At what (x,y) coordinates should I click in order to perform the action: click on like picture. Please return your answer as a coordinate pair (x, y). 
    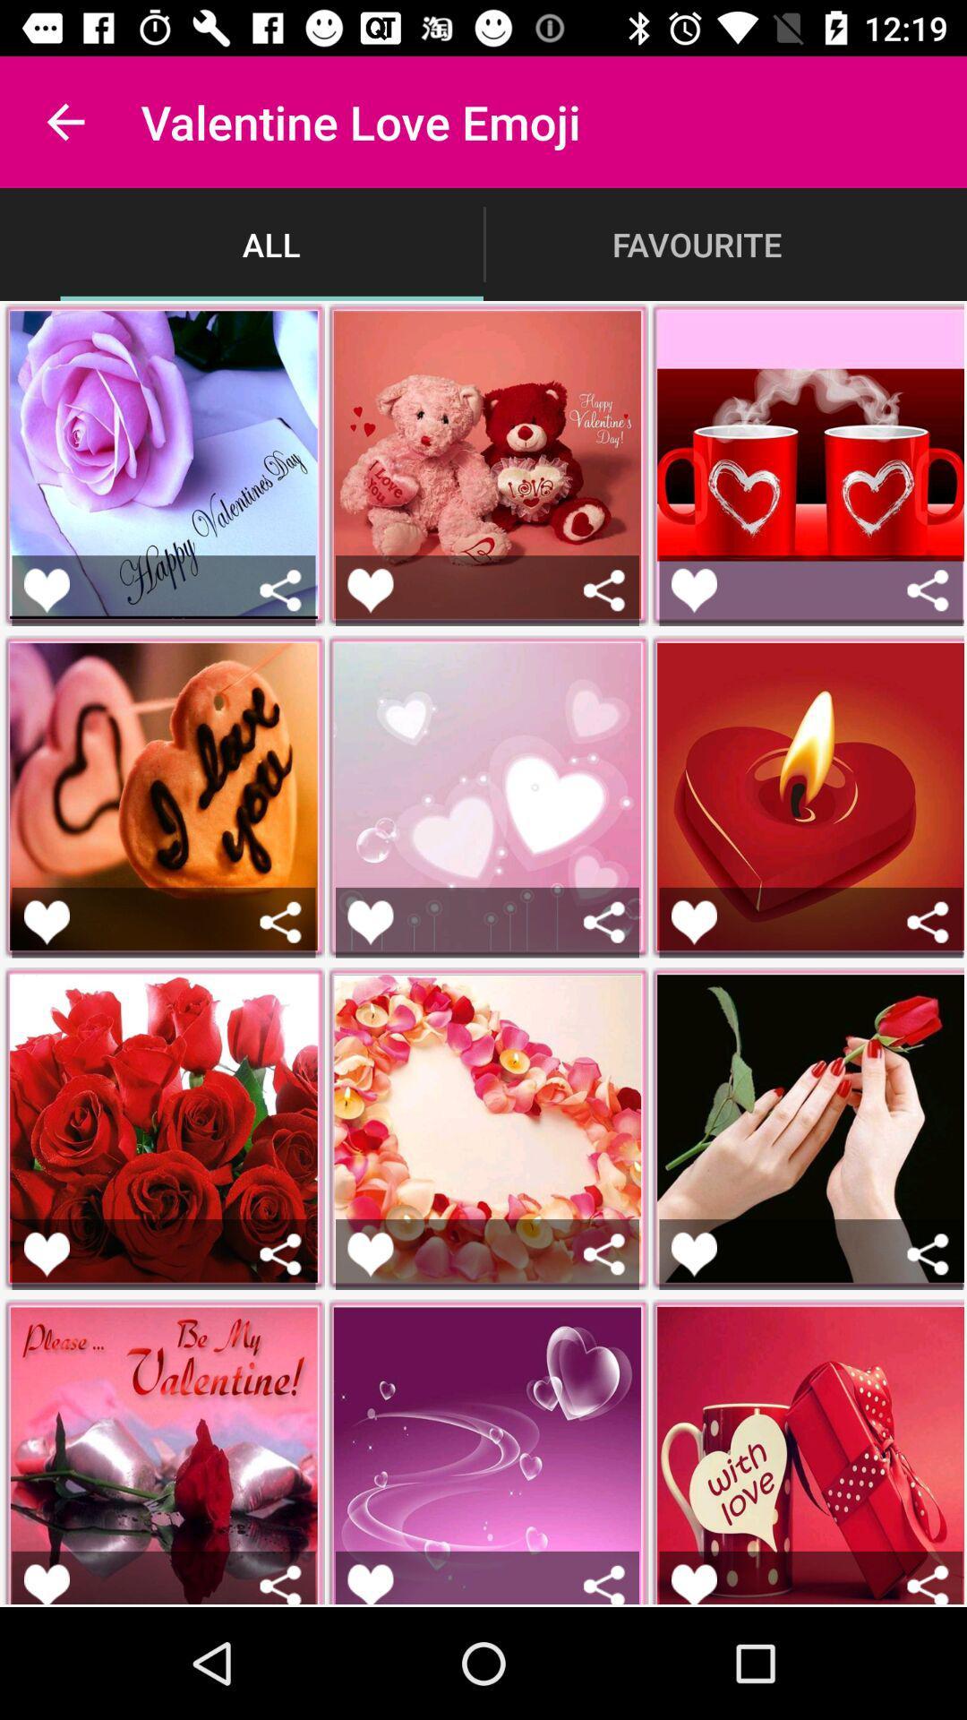
    Looking at the image, I should click on (693, 922).